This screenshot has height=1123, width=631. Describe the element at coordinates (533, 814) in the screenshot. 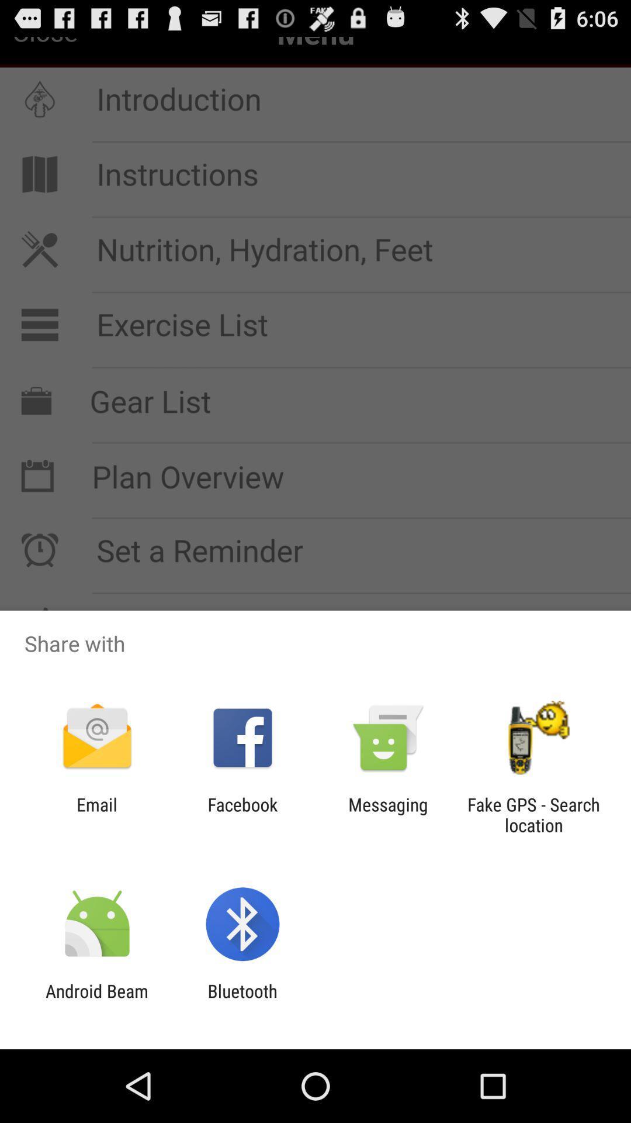

I see `icon at the bottom right corner` at that location.